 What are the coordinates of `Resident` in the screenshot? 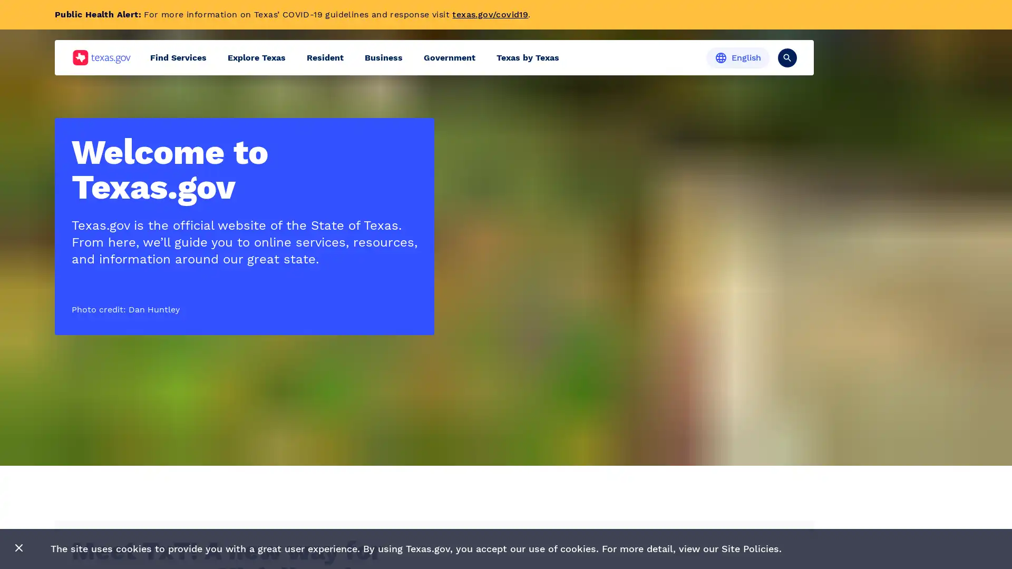 It's located at (325, 57).